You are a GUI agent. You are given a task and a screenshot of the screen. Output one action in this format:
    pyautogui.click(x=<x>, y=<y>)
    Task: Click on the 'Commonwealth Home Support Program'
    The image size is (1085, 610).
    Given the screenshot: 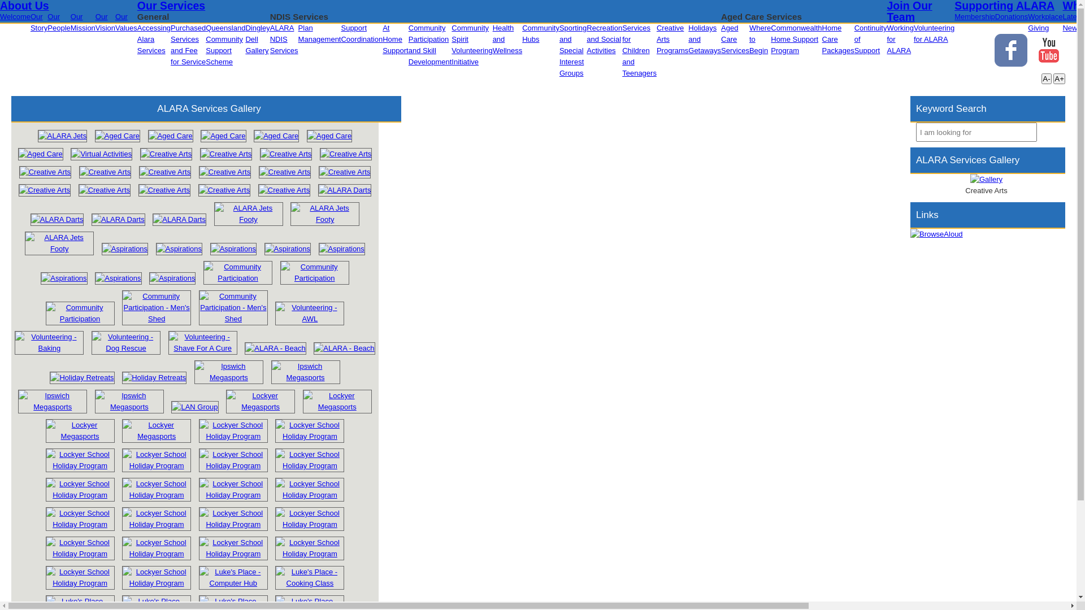 What is the action you would take?
    pyautogui.click(x=796, y=38)
    